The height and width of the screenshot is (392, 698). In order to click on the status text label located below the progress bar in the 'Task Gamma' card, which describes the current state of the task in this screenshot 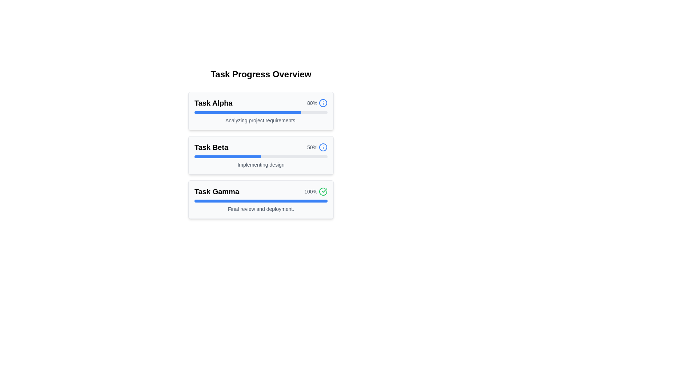, I will do `click(261, 209)`.